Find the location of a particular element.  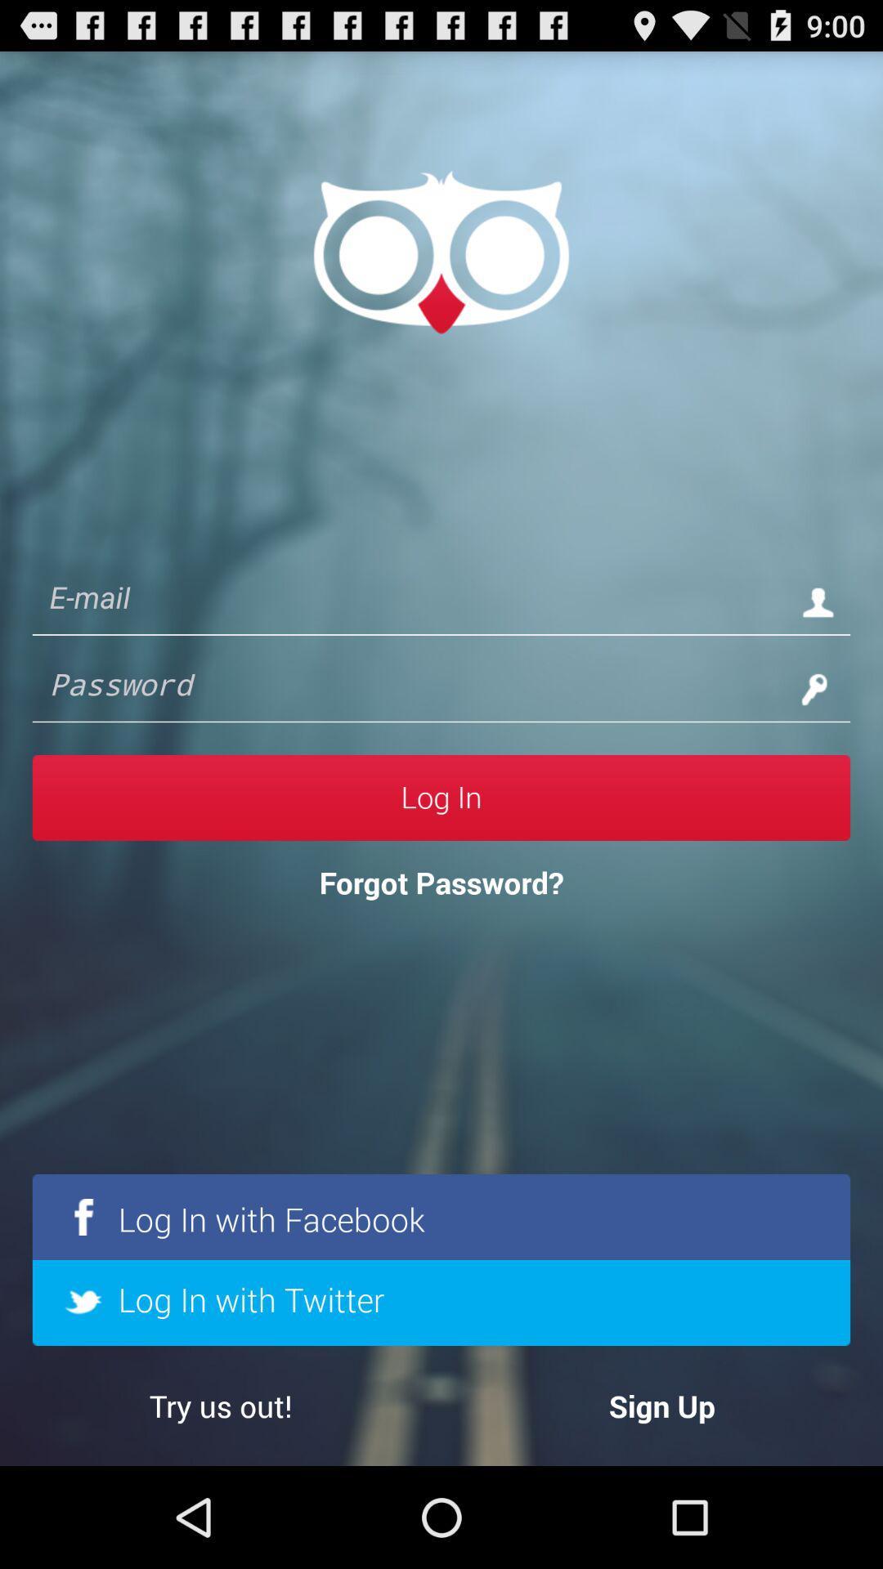

email address is located at coordinates (408, 601).